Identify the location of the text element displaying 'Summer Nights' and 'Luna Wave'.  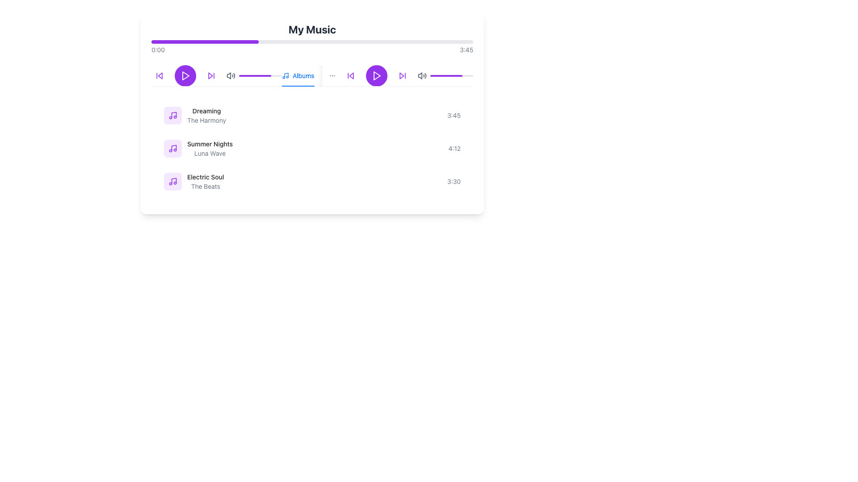
(210, 148).